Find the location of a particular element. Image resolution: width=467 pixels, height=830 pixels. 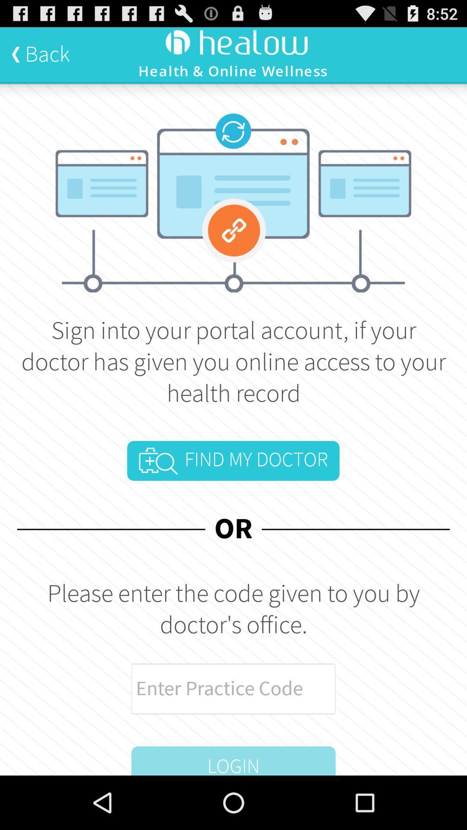

back icon is located at coordinates (40, 54).